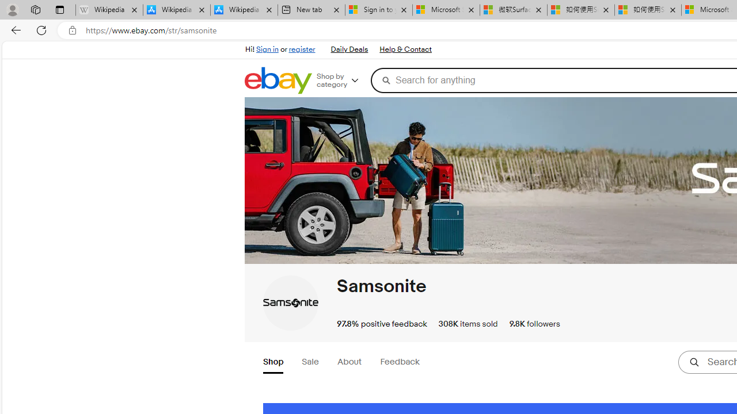 Image resolution: width=737 pixels, height=414 pixels. What do you see at coordinates (310, 362) in the screenshot?
I see `'Sale'` at bounding box center [310, 362].